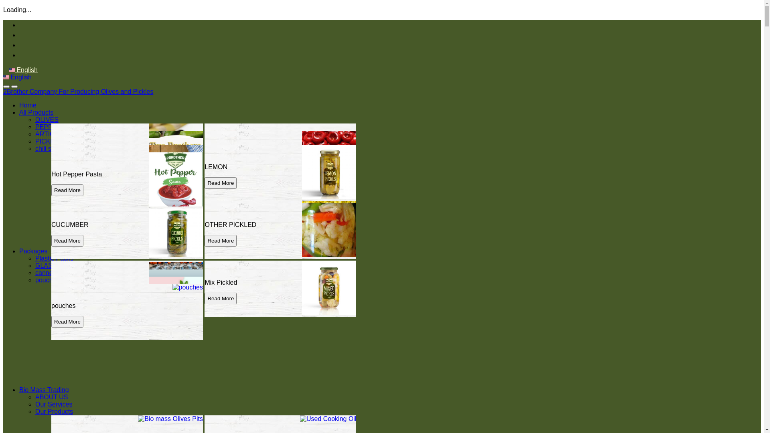 This screenshot has height=433, width=770. What do you see at coordinates (44, 389) in the screenshot?
I see `'Bio Mass Trading'` at bounding box center [44, 389].